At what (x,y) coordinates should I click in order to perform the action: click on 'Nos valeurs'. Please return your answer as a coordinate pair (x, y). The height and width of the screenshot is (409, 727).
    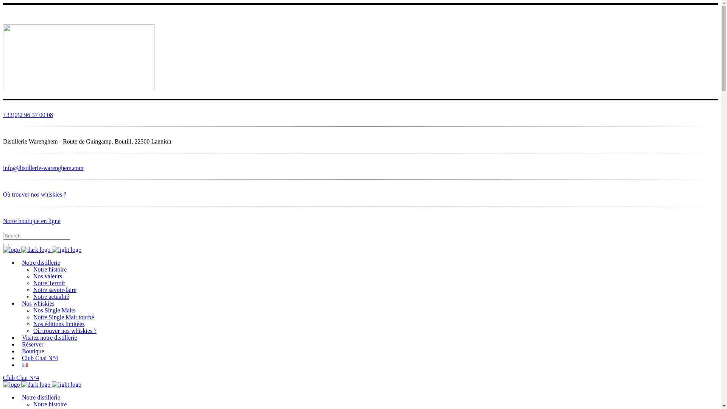
    Looking at the image, I should click on (33, 276).